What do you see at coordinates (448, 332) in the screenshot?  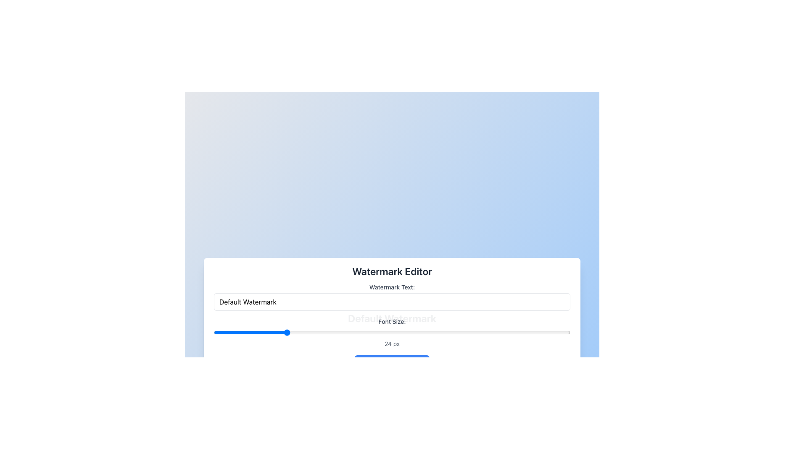 I see `font size` at bounding box center [448, 332].